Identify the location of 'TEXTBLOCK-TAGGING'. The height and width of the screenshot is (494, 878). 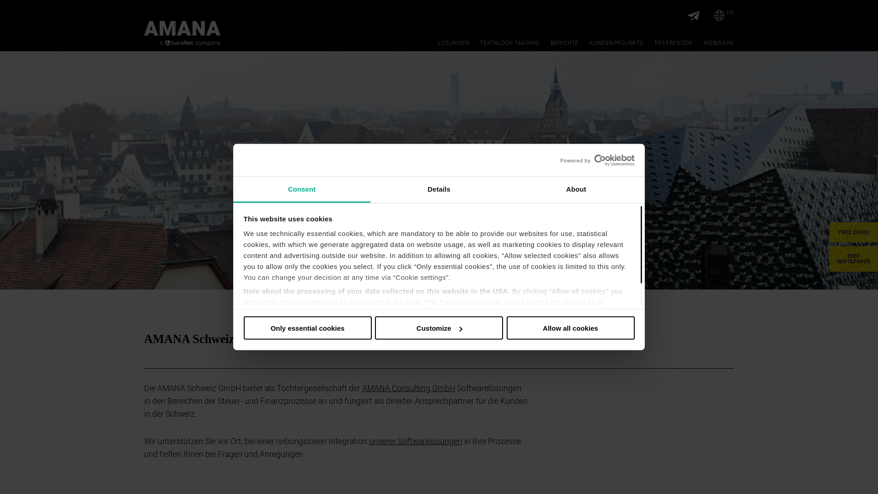
(509, 43).